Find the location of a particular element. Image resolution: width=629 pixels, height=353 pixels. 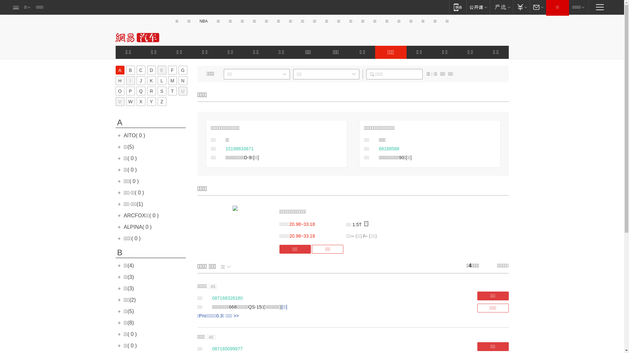

'F' is located at coordinates (168, 70).